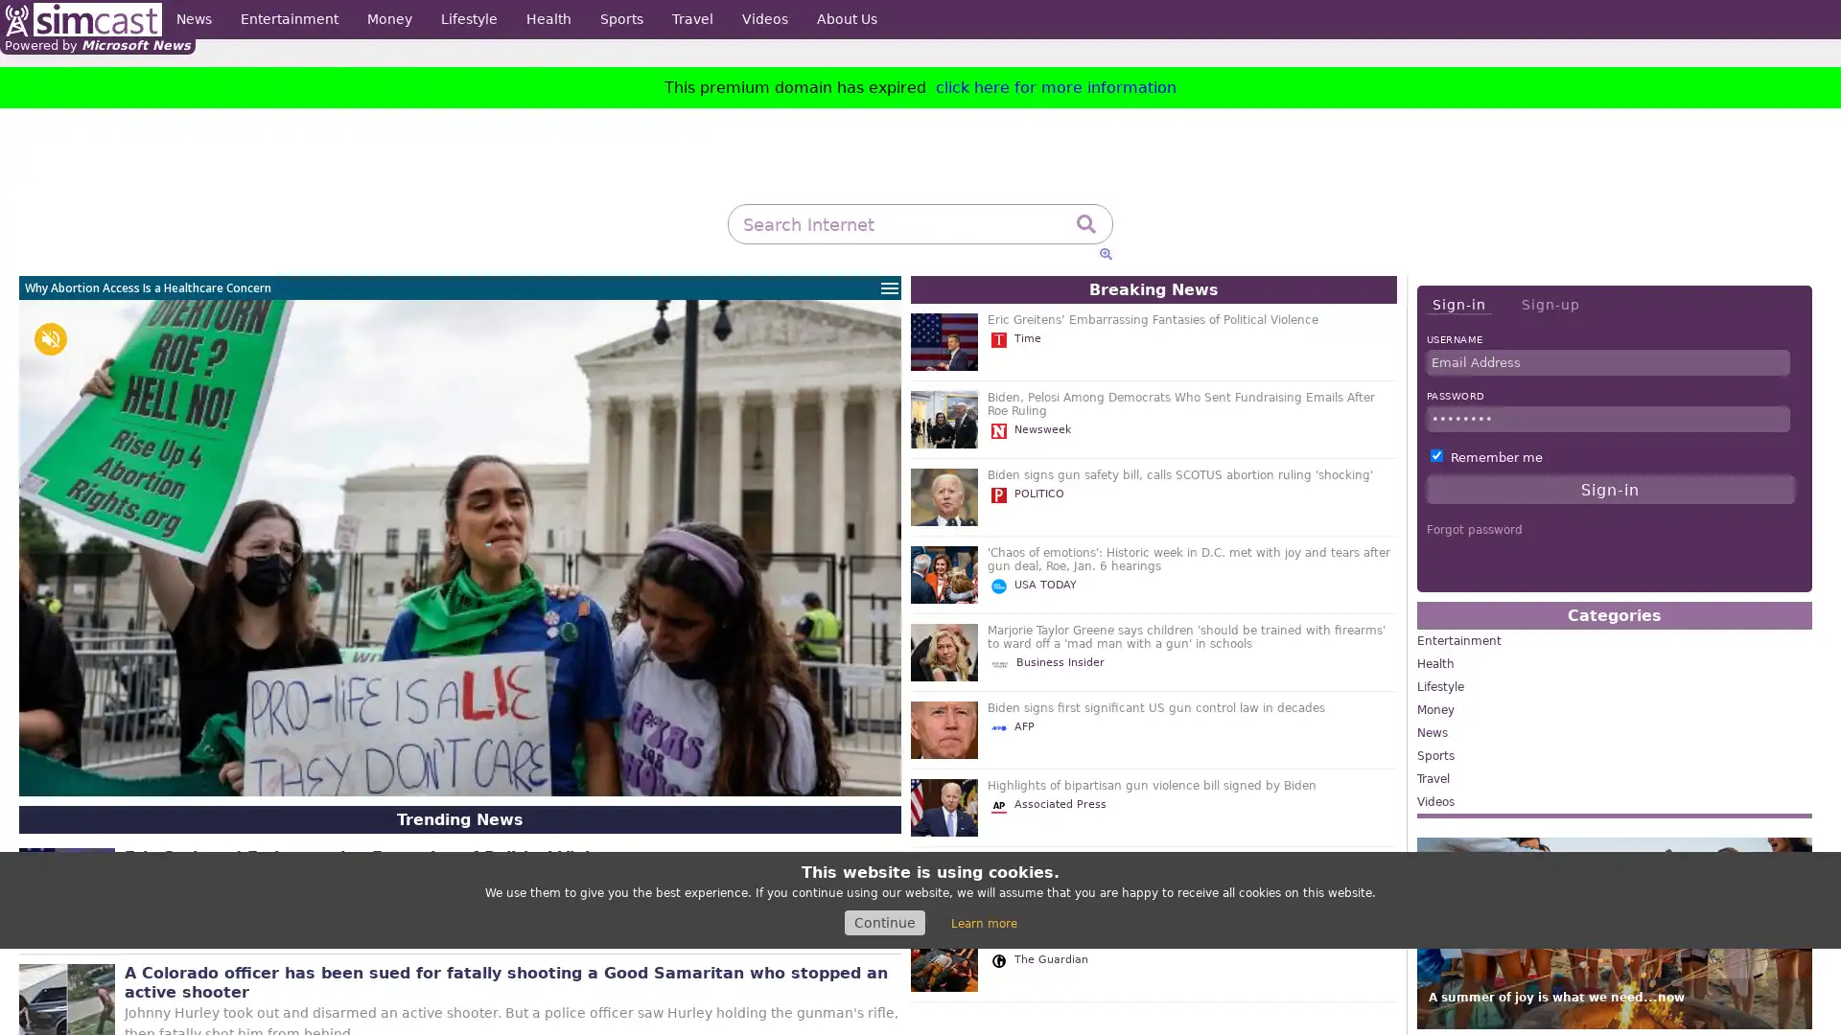 Image resolution: width=1841 pixels, height=1035 pixels. Describe the element at coordinates (1550, 303) in the screenshot. I see `Sign-up` at that location.